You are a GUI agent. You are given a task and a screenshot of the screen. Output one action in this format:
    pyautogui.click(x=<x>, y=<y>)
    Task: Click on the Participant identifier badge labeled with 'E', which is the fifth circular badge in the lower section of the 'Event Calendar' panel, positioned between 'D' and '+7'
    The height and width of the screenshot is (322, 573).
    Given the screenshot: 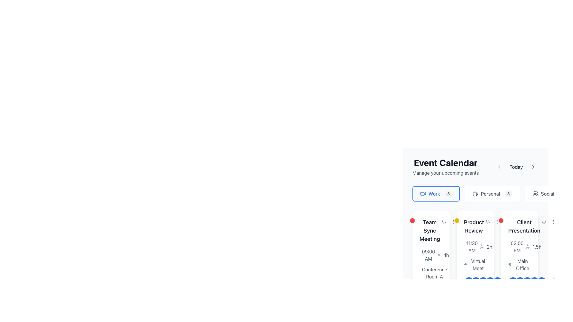 What is the action you would take?
    pyautogui.click(x=497, y=281)
    